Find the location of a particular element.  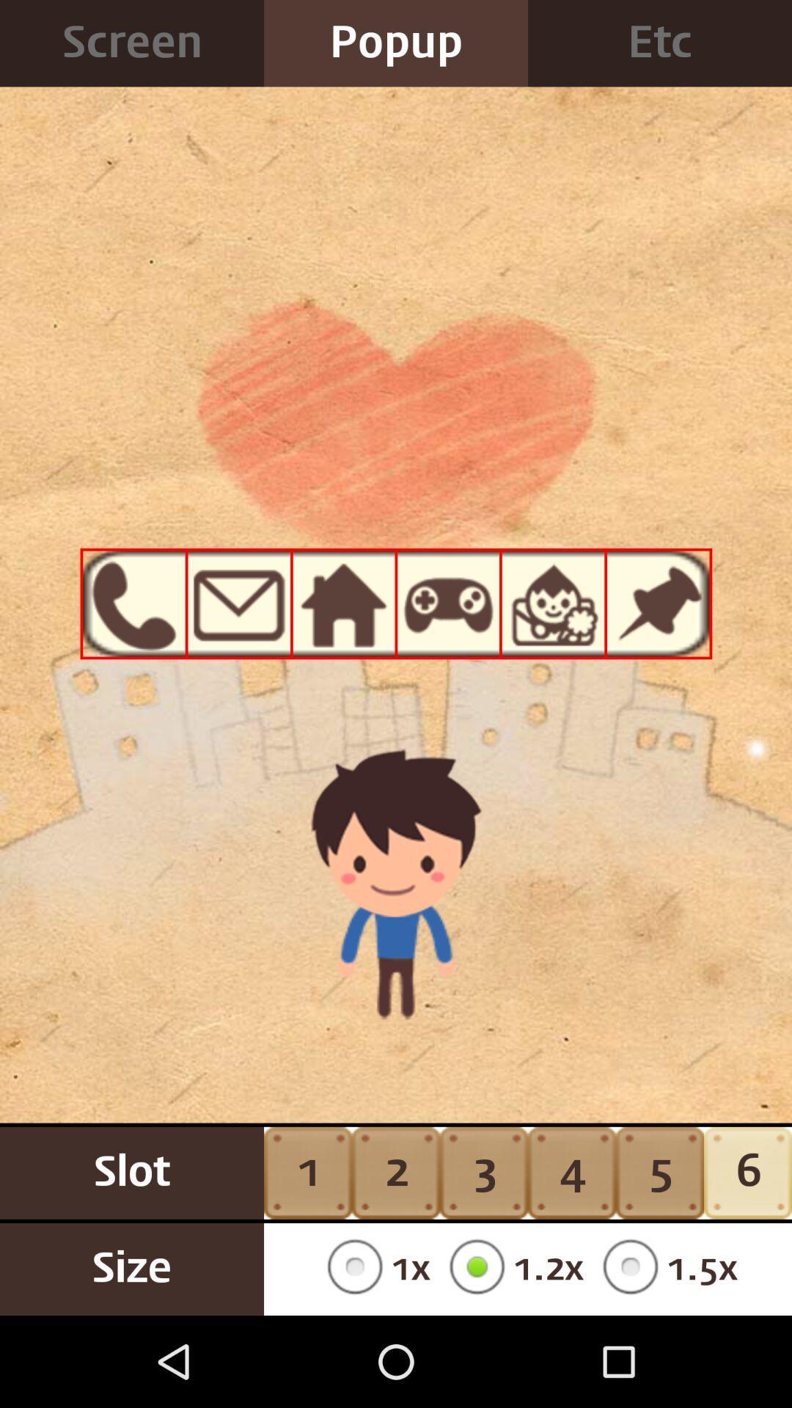

icon next to screen icon is located at coordinates (396, 43).